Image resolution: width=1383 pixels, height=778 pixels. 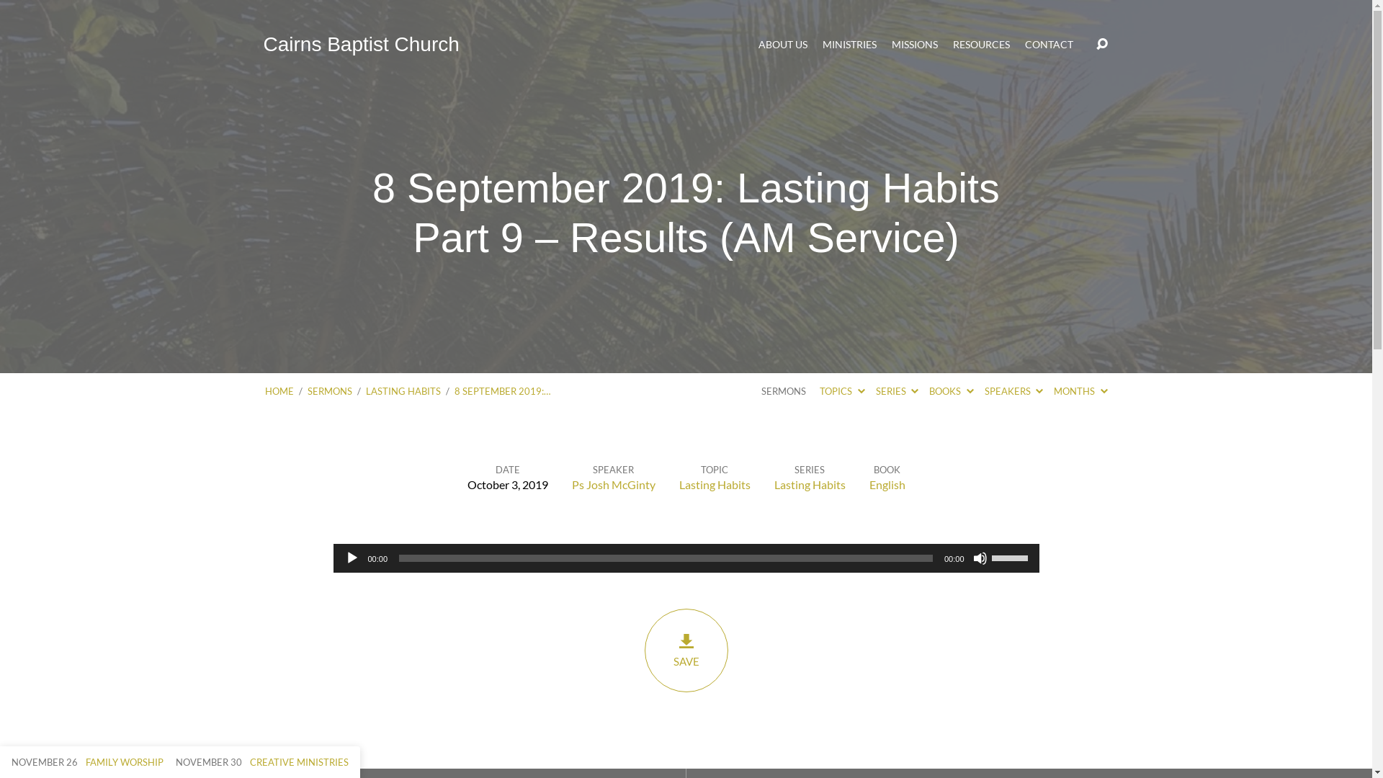 What do you see at coordinates (86, 761) in the screenshot?
I see `'NOVEMBER 26 FAMILY WORSHIP'` at bounding box center [86, 761].